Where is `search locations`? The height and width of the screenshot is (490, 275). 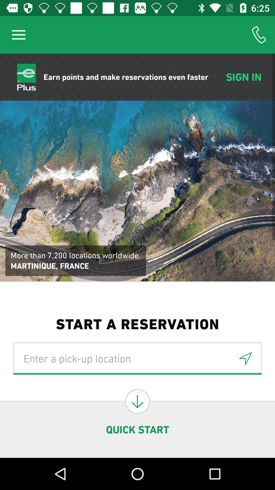 search locations is located at coordinates (137, 401).